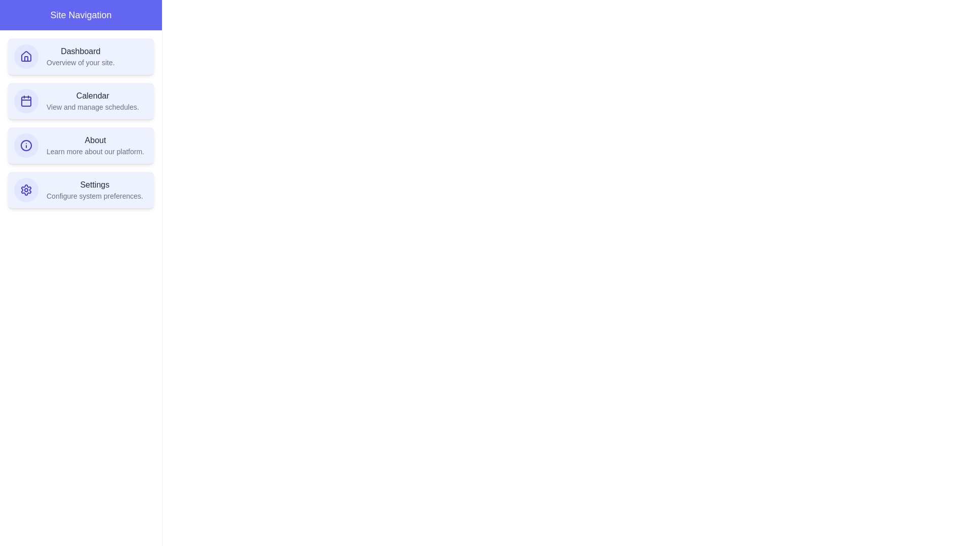 The image size is (972, 546). Describe the element at coordinates (80, 146) in the screenshot. I see `the navigation item corresponding to About` at that location.